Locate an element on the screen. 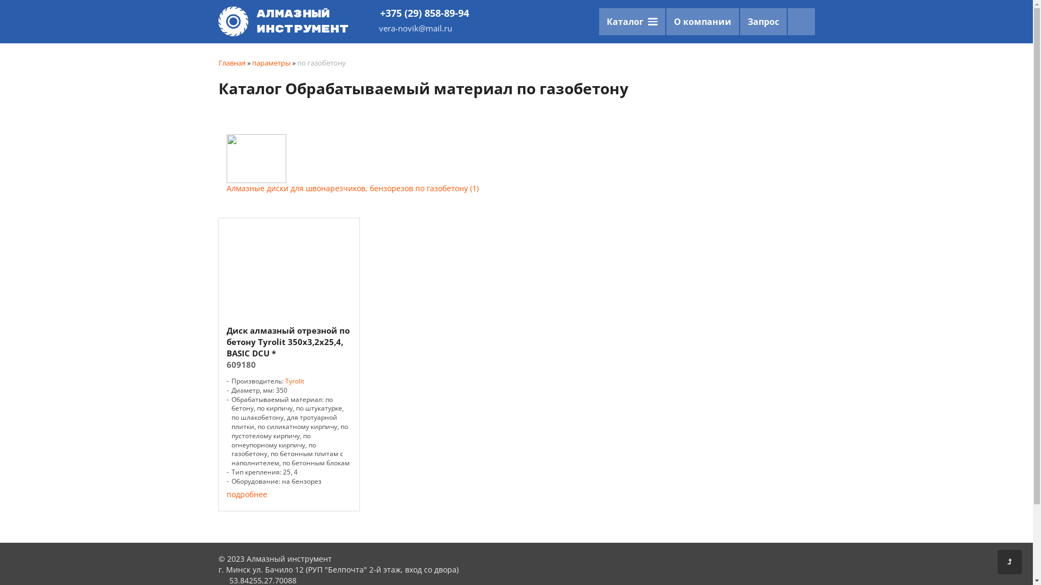 The width and height of the screenshot is (1041, 585). 'vera-novik@mail.ru' is located at coordinates (418, 28).